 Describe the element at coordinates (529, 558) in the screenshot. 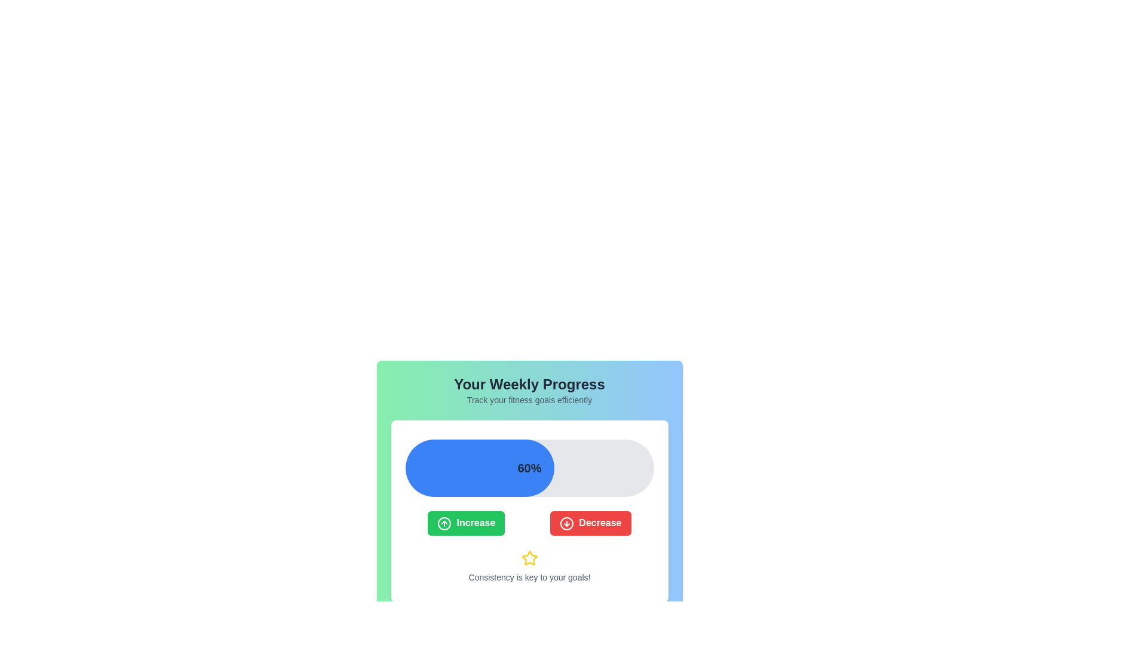

I see `the star-shaped icon with a yellow fill and black outline, located below the 'Increase' and 'Decrease' buttons and above the text 'Consistency is key to your goals!'` at that location.